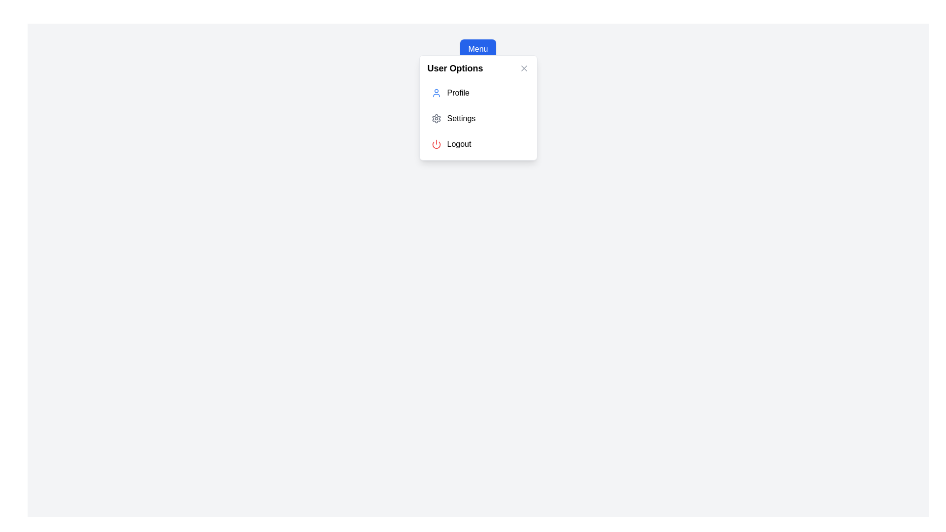 The image size is (946, 532). I want to click on the user icon with a thin, blue circular outline located to the left of the 'Profile' text in the 'User Options' menu, so click(436, 93).